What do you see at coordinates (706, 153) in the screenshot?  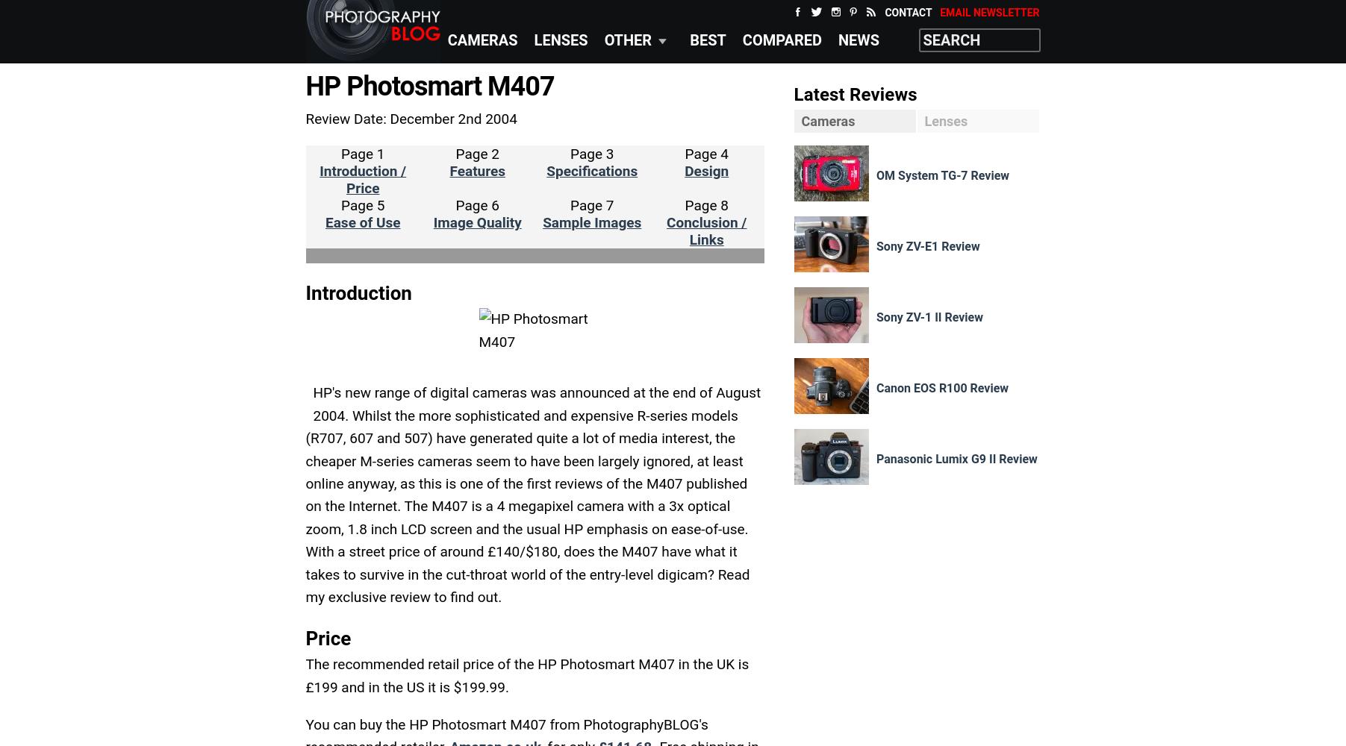 I see `'Page 4'` at bounding box center [706, 153].